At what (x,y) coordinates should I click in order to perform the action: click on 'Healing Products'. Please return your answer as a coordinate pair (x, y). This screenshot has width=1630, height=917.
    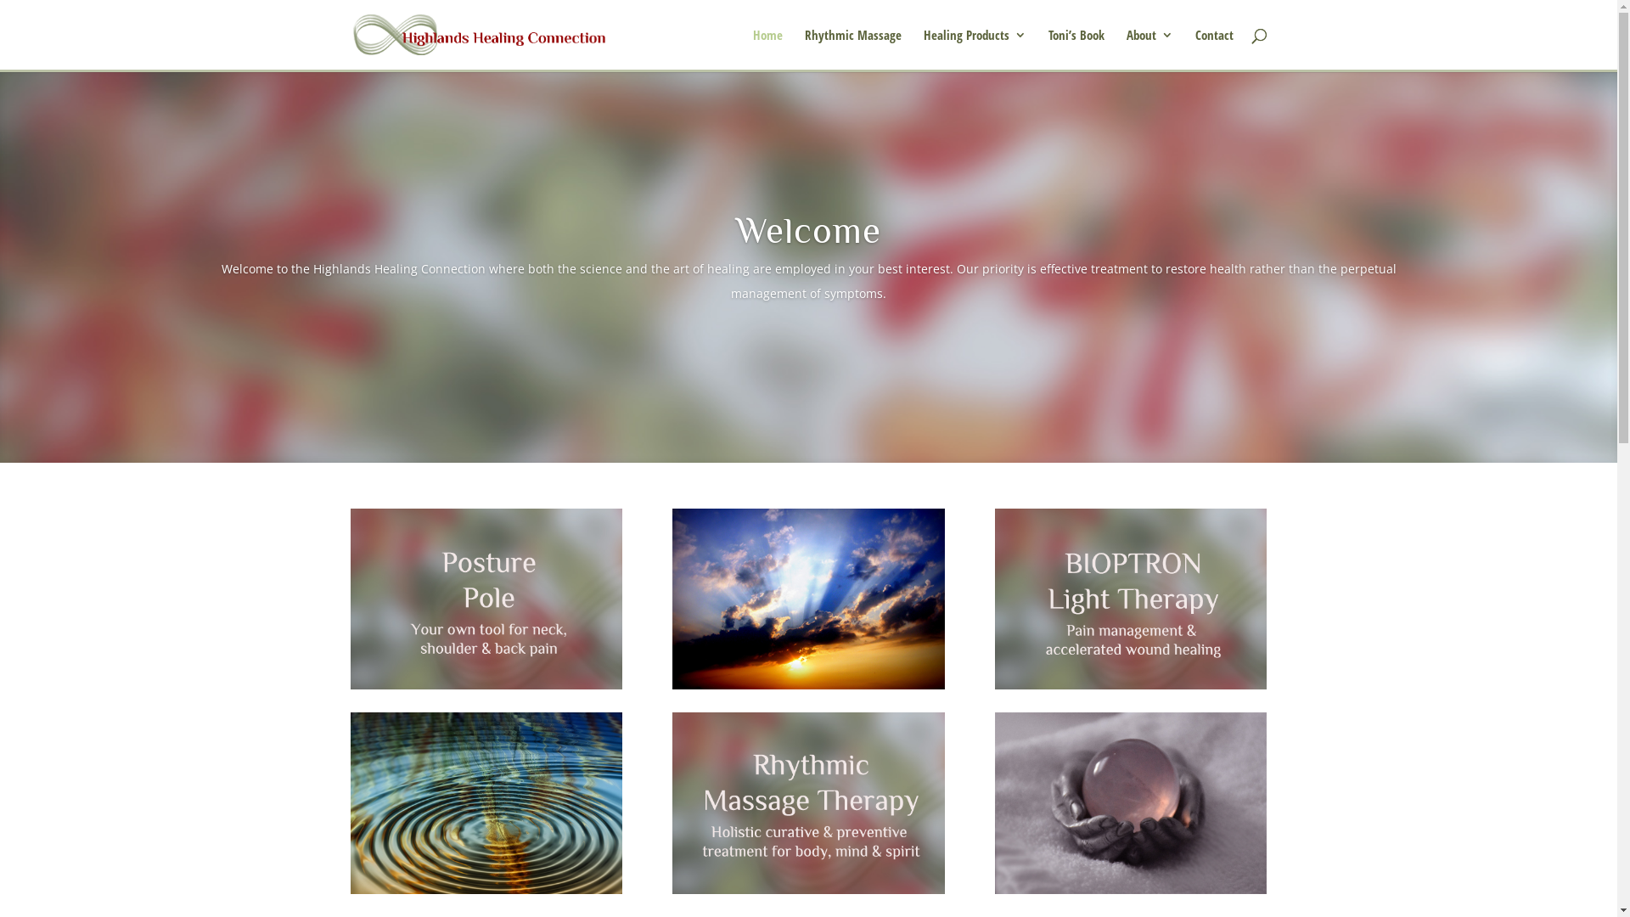
    Looking at the image, I should click on (975, 48).